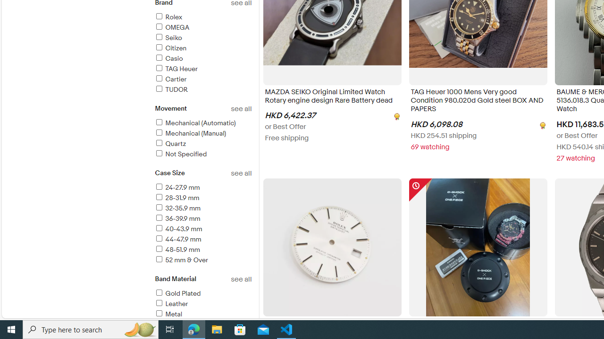  Describe the element at coordinates (171, 304) in the screenshot. I see `'Leather'` at that location.